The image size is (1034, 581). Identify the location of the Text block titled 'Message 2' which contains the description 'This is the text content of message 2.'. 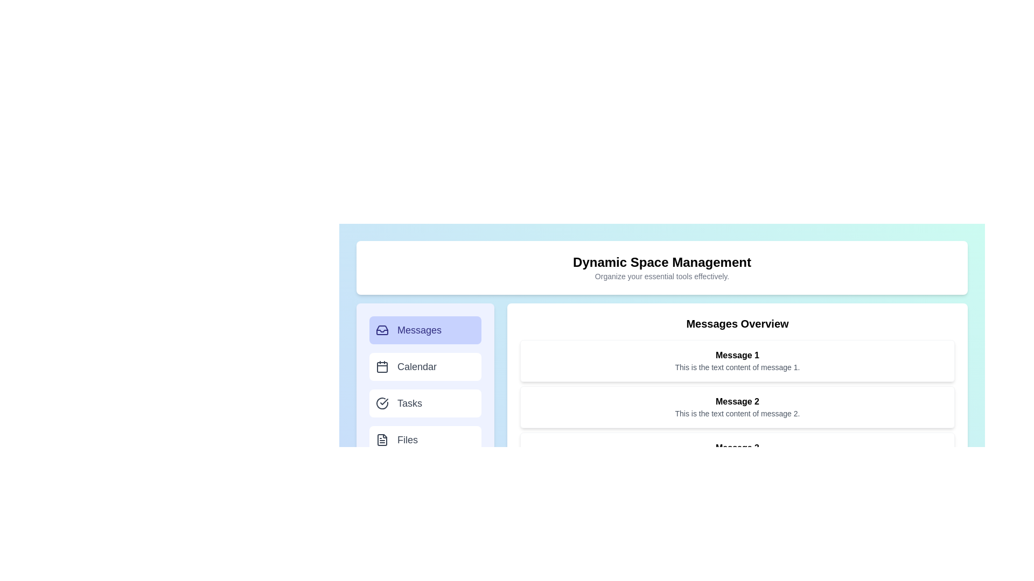
(737, 407).